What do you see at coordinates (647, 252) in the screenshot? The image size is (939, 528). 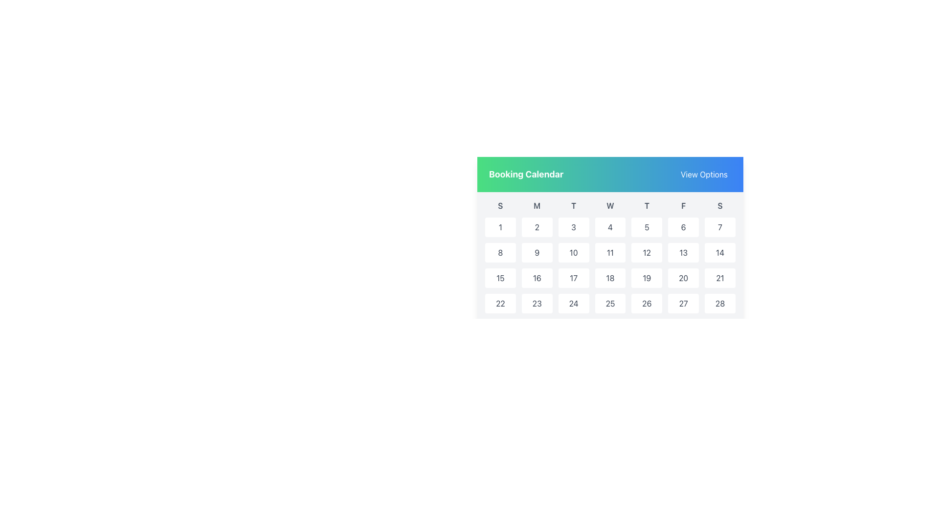 I see `the square-shaped button displaying the number '12' in gray text within the calendar grid` at bounding box center [647, 252].